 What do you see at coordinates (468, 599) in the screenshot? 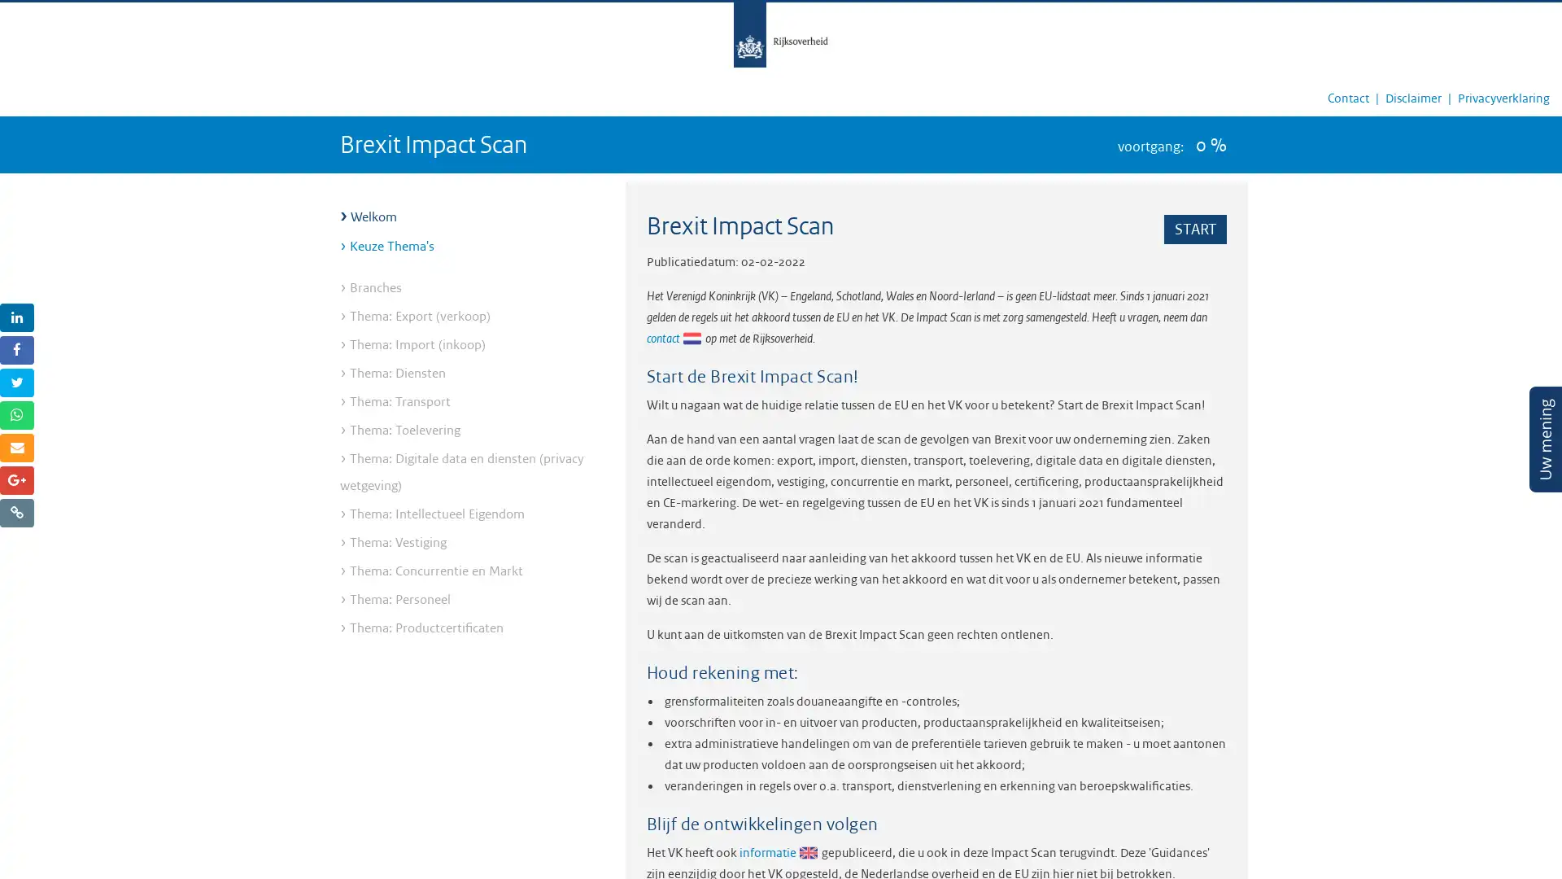
I see `Thema: Personeel` at bounding box center [468, 599].